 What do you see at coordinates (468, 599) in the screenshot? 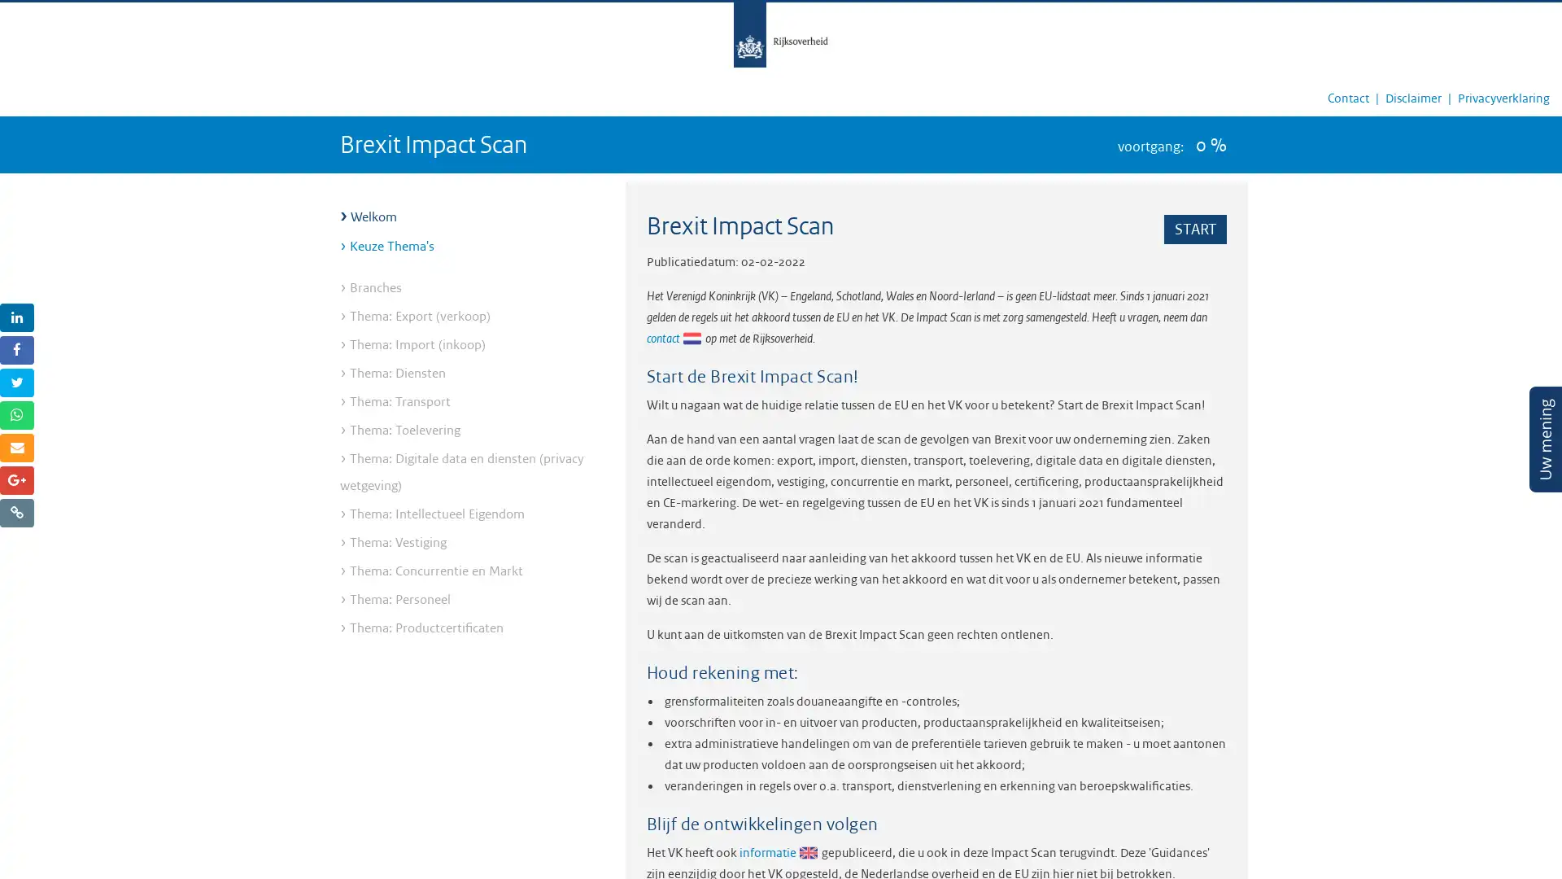
I see `Thema: Personeel` at bounding box center [468, 599].